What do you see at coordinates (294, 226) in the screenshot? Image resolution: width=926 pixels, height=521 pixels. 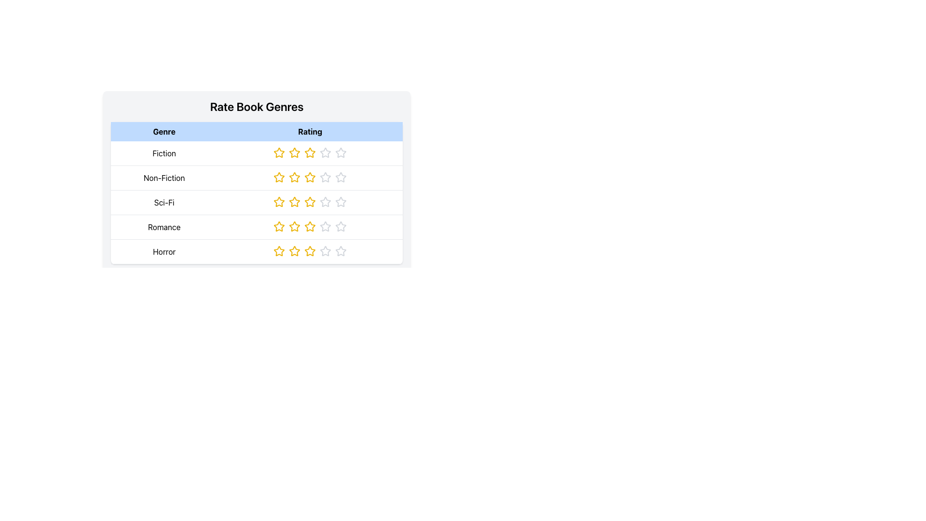 I see `the second star icon in the Romance genre rating column` at bounding box center [294, 226].